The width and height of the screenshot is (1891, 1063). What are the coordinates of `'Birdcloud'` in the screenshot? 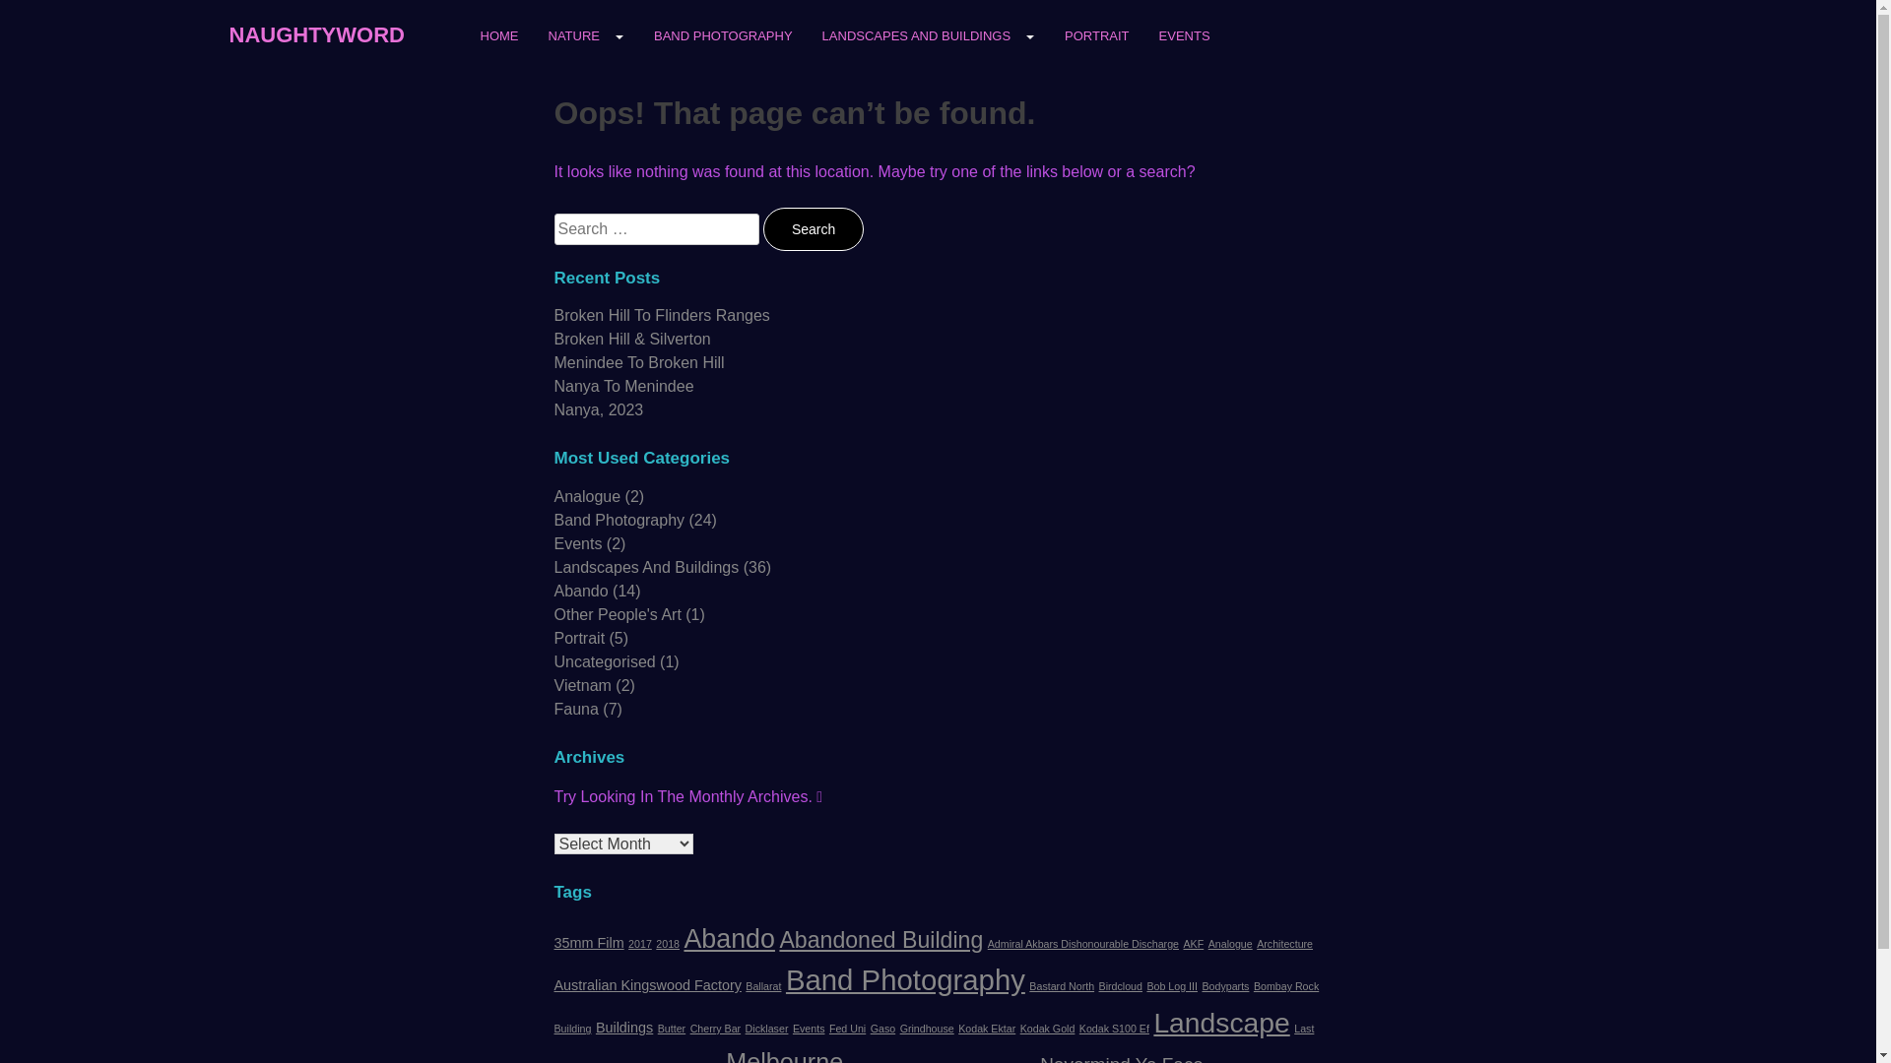 It's located at (1120, 986).